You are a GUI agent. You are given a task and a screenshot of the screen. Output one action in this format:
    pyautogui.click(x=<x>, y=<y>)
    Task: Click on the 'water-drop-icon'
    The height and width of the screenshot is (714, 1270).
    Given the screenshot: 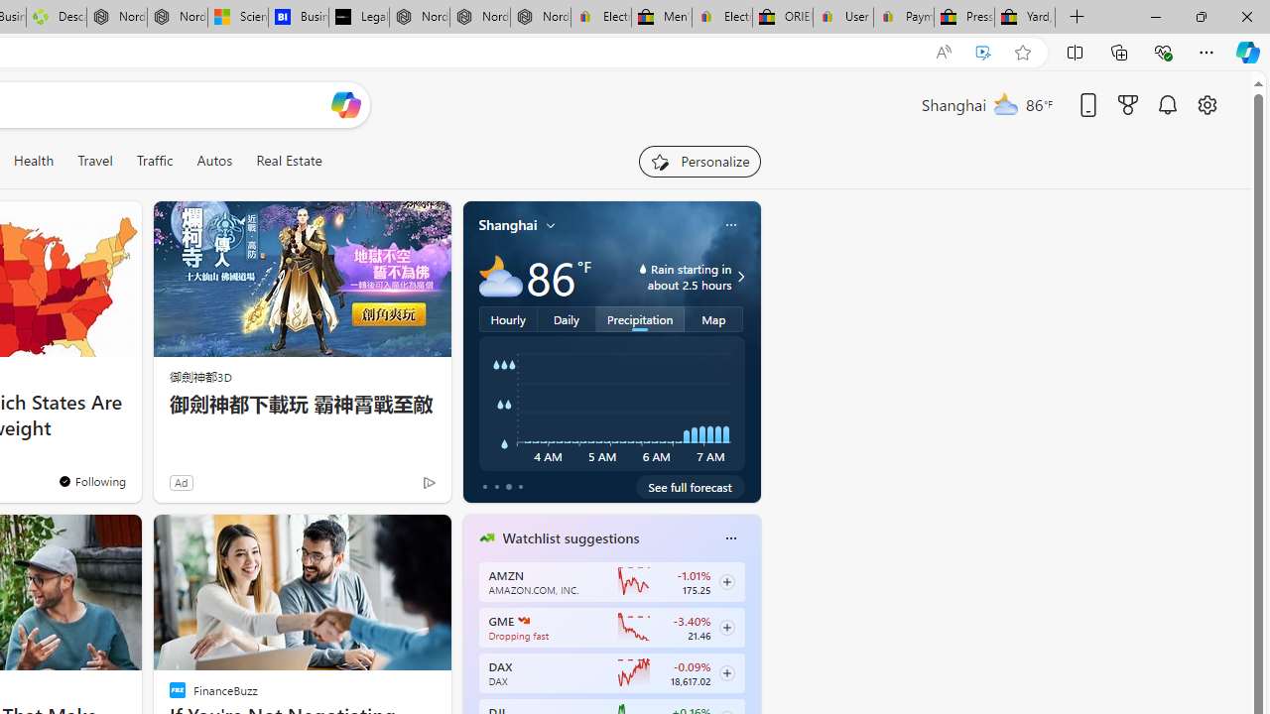 What is the action you would take?
    pyautogui.click(x=643, y=268)
    